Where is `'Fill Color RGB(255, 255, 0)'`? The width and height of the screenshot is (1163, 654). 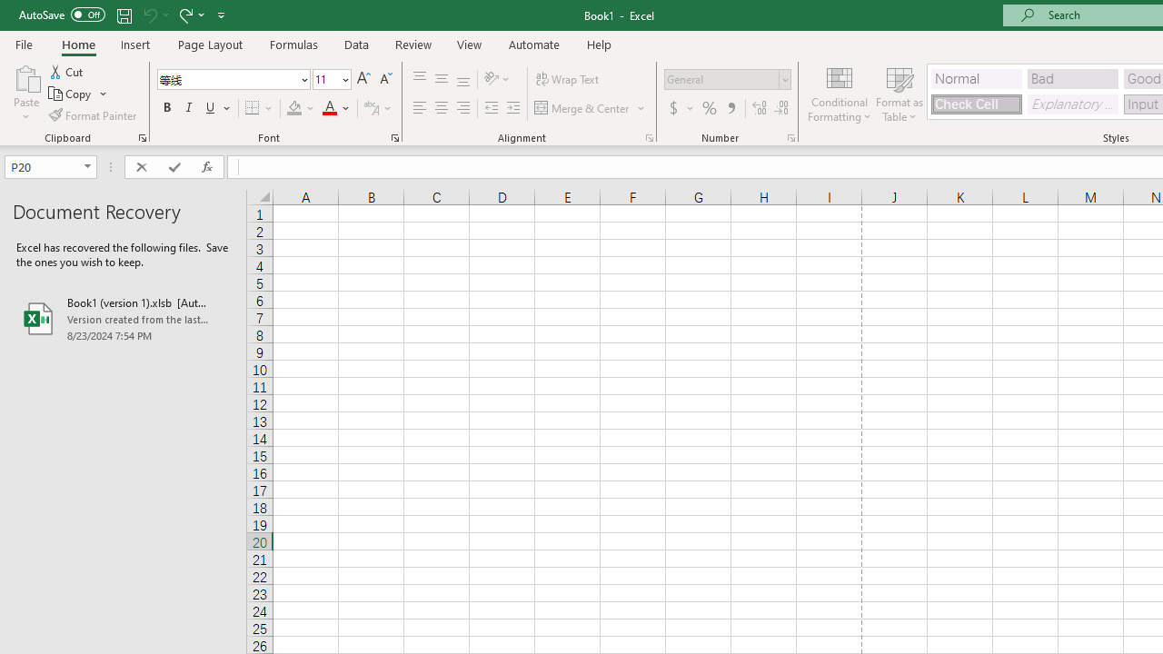 'Fill Color RGB(255, 255, 0)' is located at coordinates (294, 108).